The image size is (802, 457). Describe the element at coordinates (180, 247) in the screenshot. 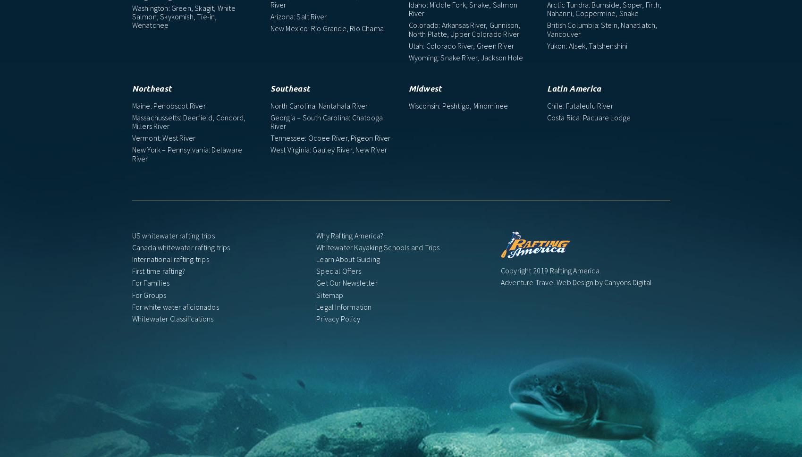

I see `'Canada whitewater rafting trips'` at that location.